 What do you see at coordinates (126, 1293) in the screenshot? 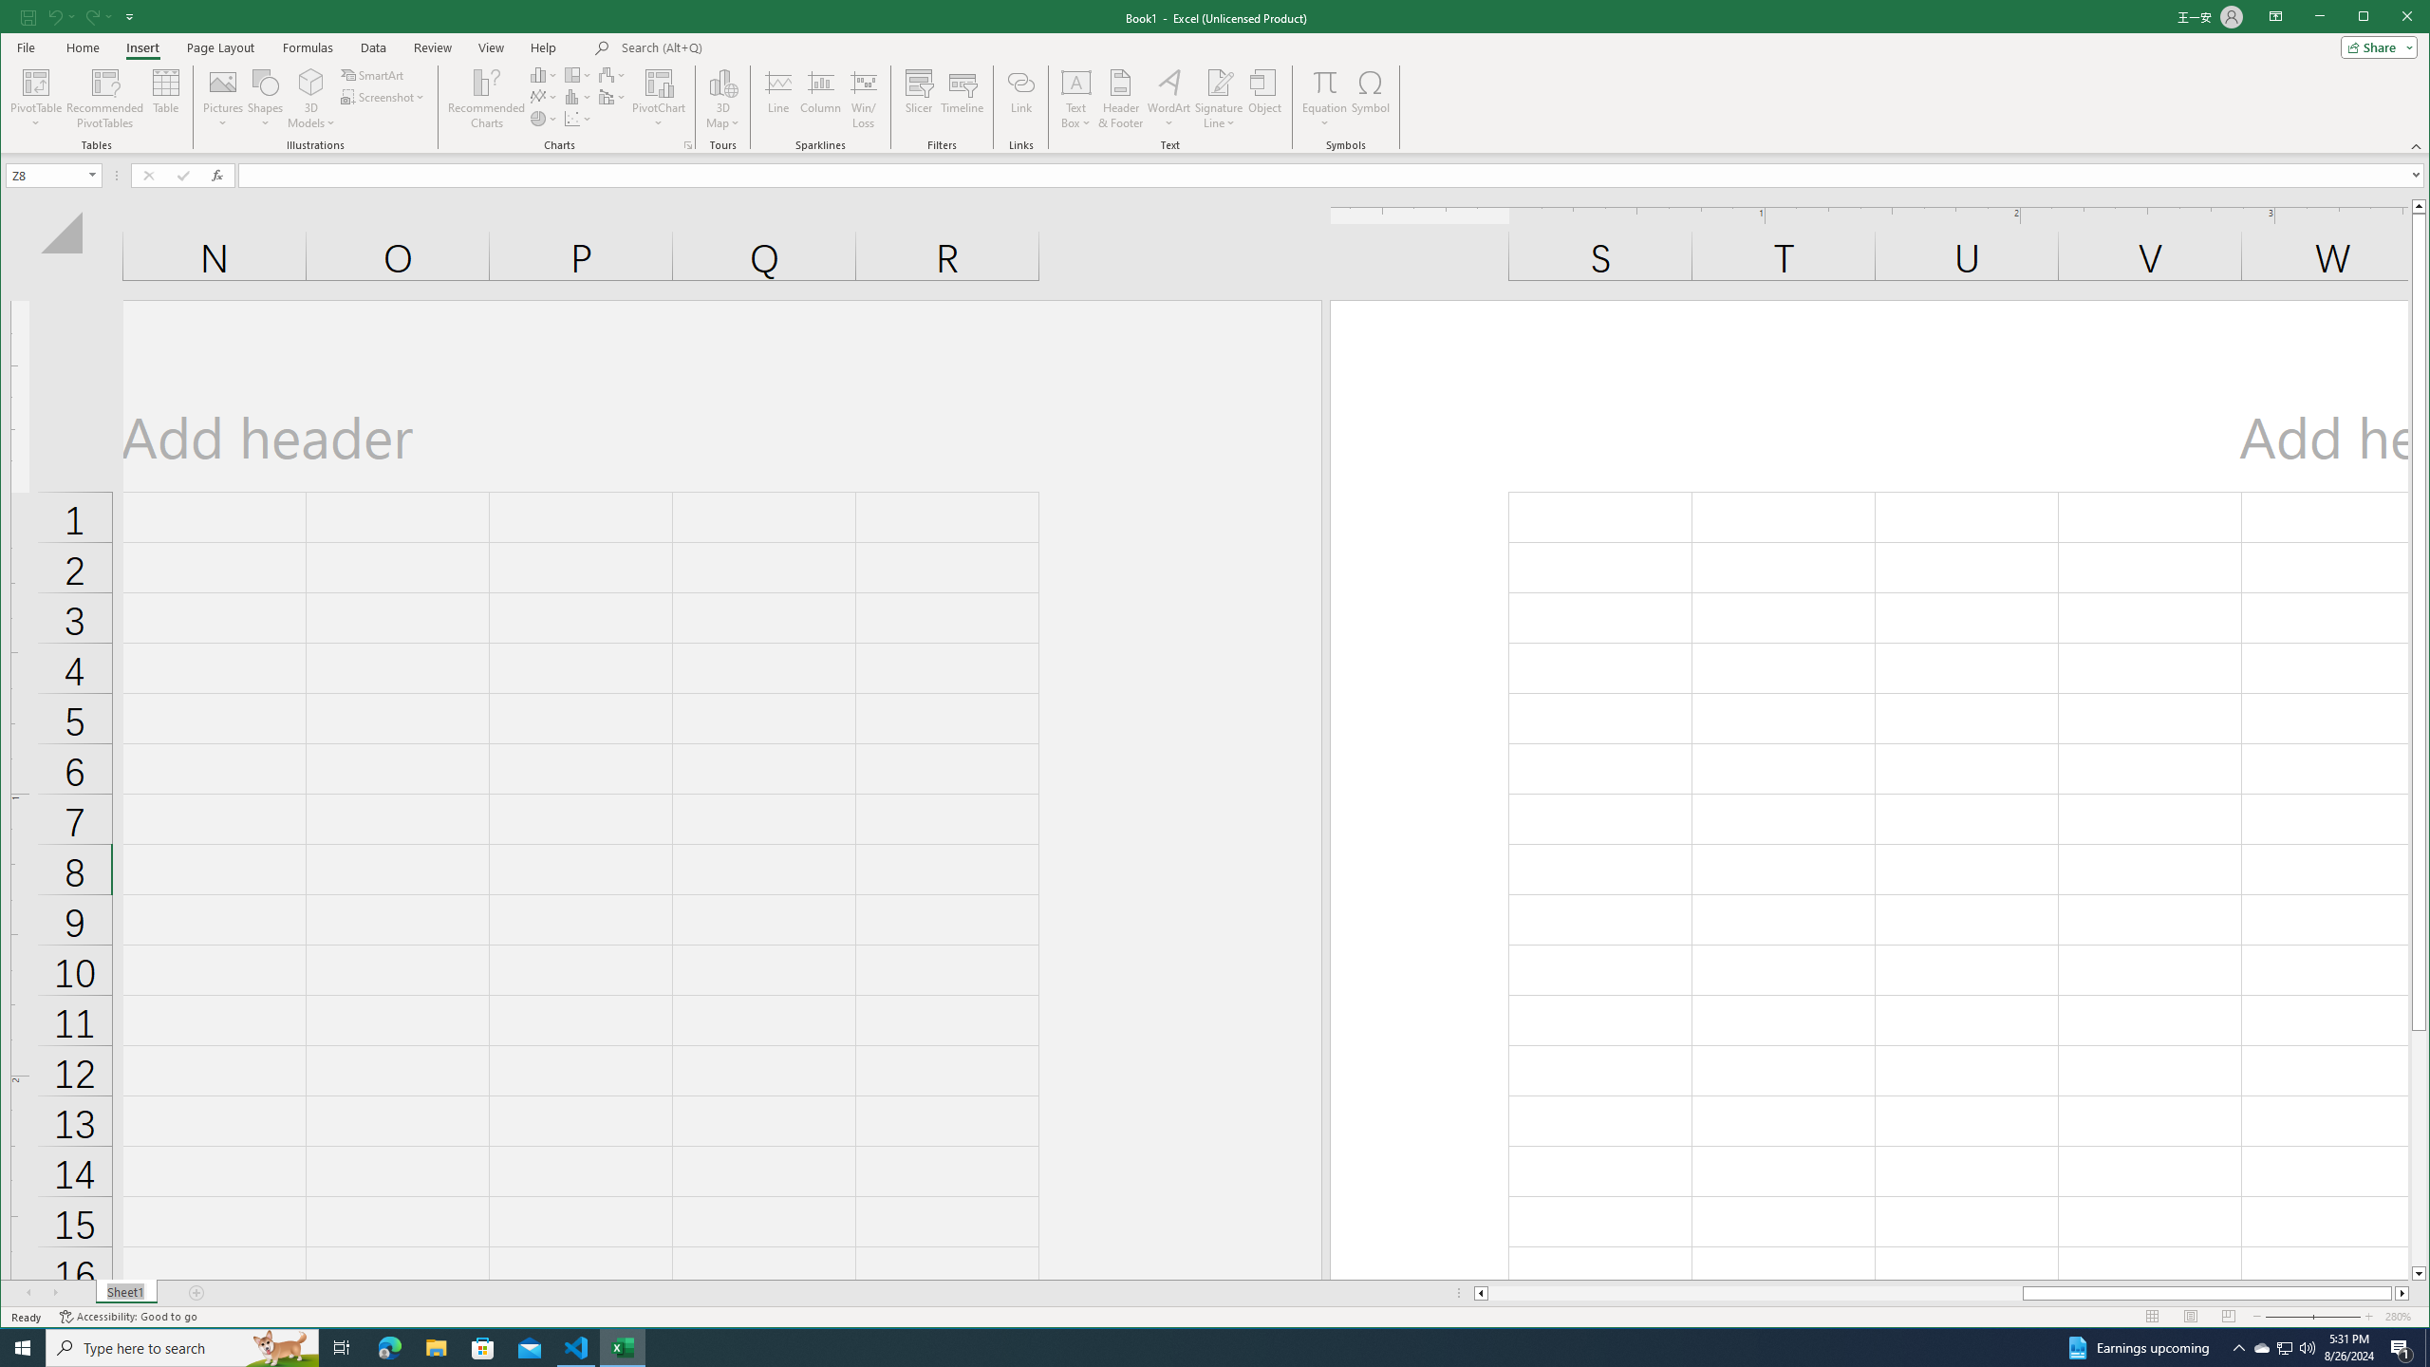
I see `'Sheet Tab'` at bounding box center [126, 1293].